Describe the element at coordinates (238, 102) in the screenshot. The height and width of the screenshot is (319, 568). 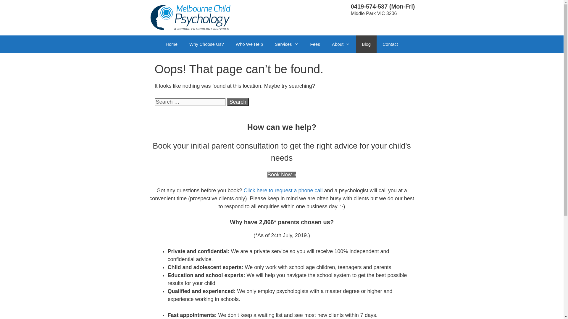
I see `'Search'` at that location.